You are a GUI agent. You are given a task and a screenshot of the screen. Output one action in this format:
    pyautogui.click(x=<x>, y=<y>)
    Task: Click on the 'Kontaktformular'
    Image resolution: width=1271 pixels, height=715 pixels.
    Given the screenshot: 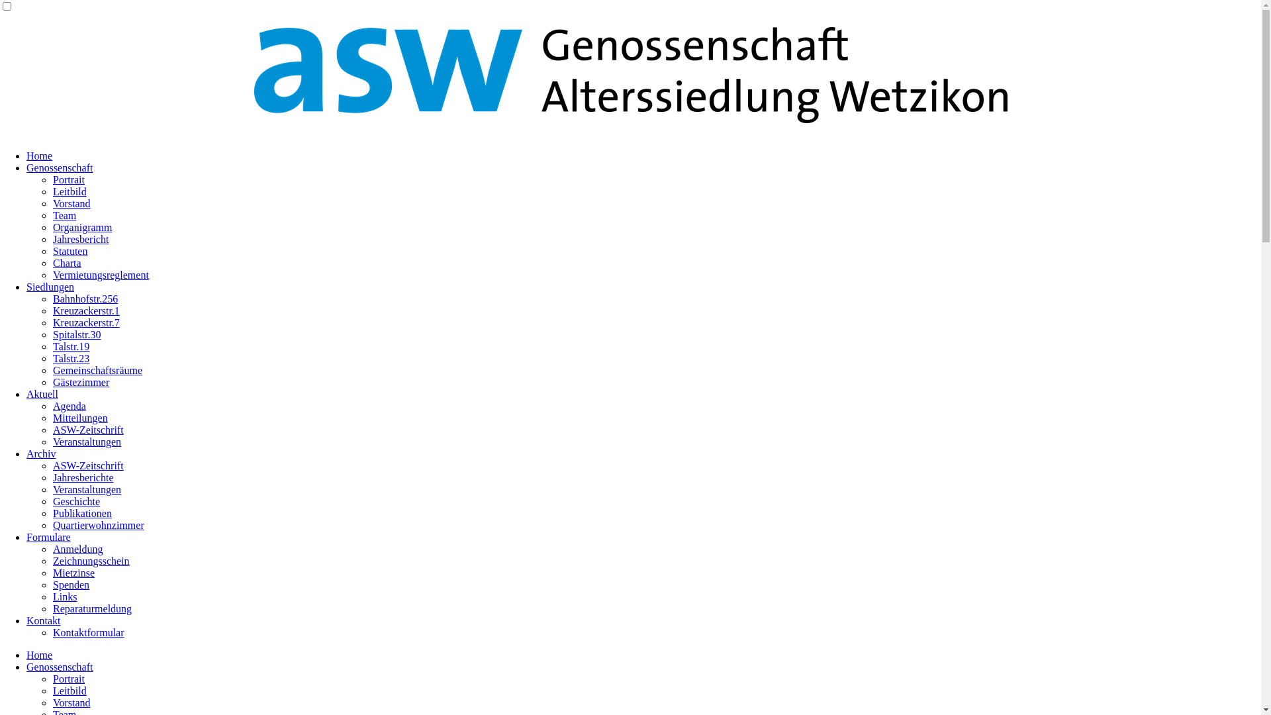 What is the action you would take?
    pyautogui.click(x=88, y=632)
    